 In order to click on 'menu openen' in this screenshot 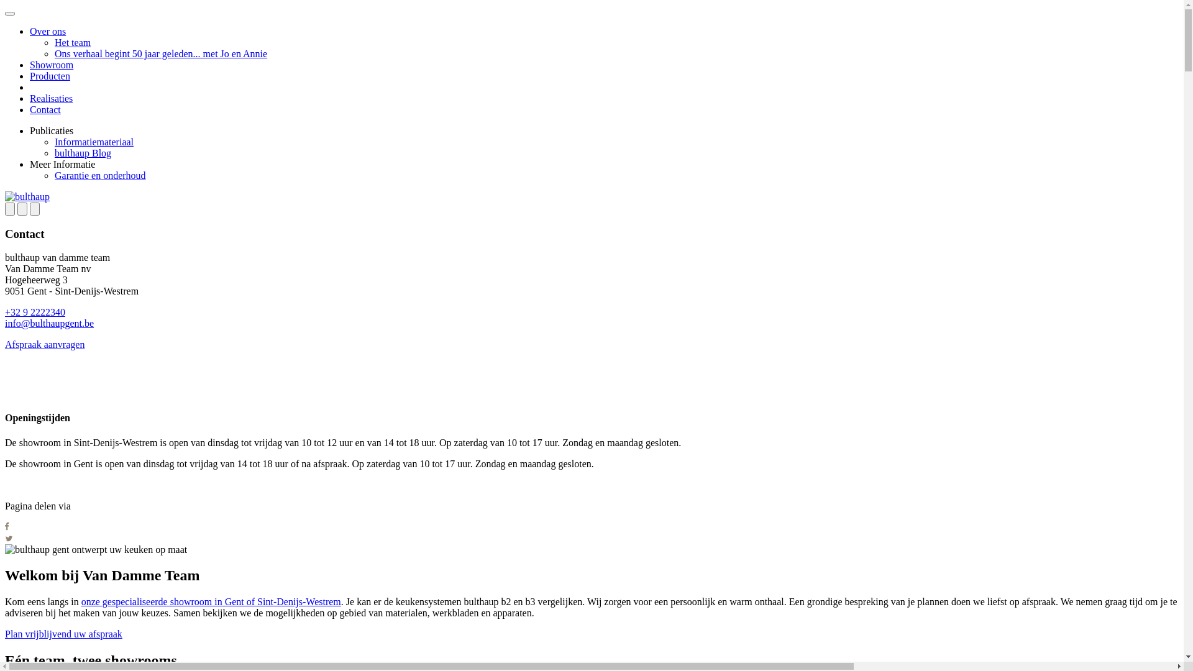, I will do `click(9, 14)`.